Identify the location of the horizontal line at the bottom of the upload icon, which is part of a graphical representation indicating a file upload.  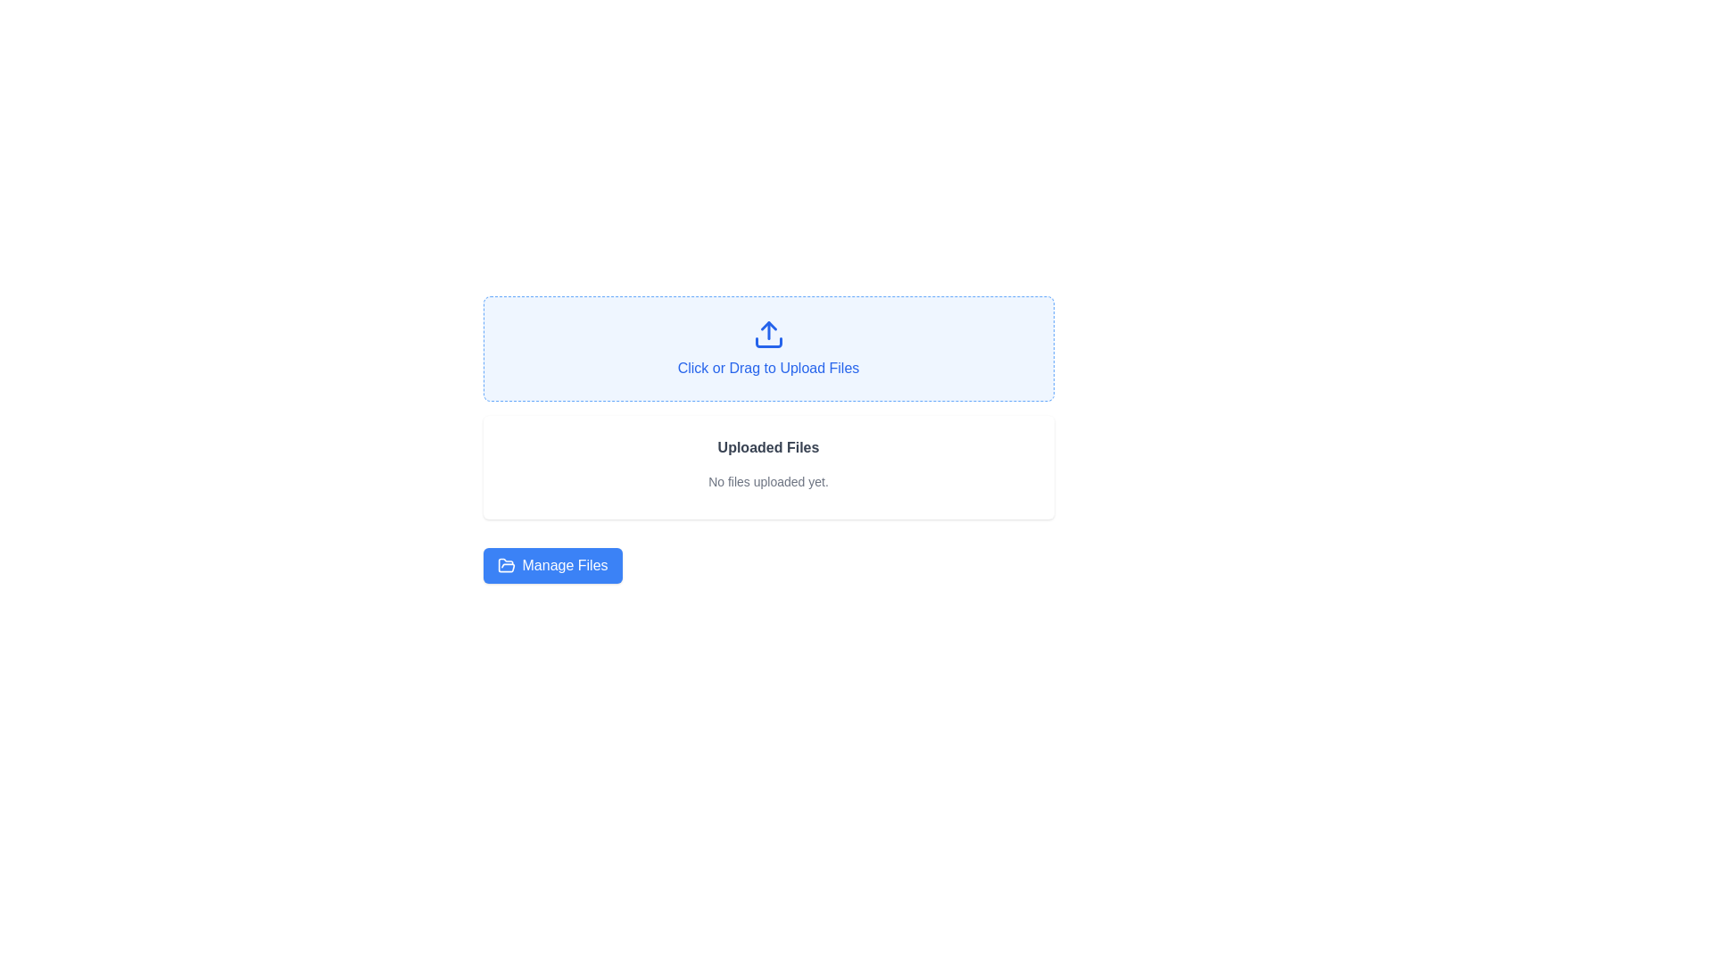
(768, 343).